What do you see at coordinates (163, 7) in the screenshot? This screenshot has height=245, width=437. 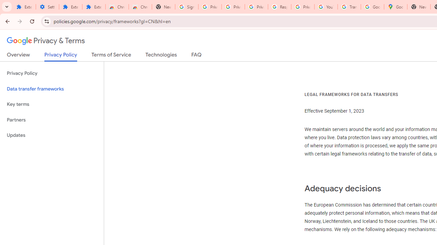 I see `'New Tab'` at bounding box center [163, 7].